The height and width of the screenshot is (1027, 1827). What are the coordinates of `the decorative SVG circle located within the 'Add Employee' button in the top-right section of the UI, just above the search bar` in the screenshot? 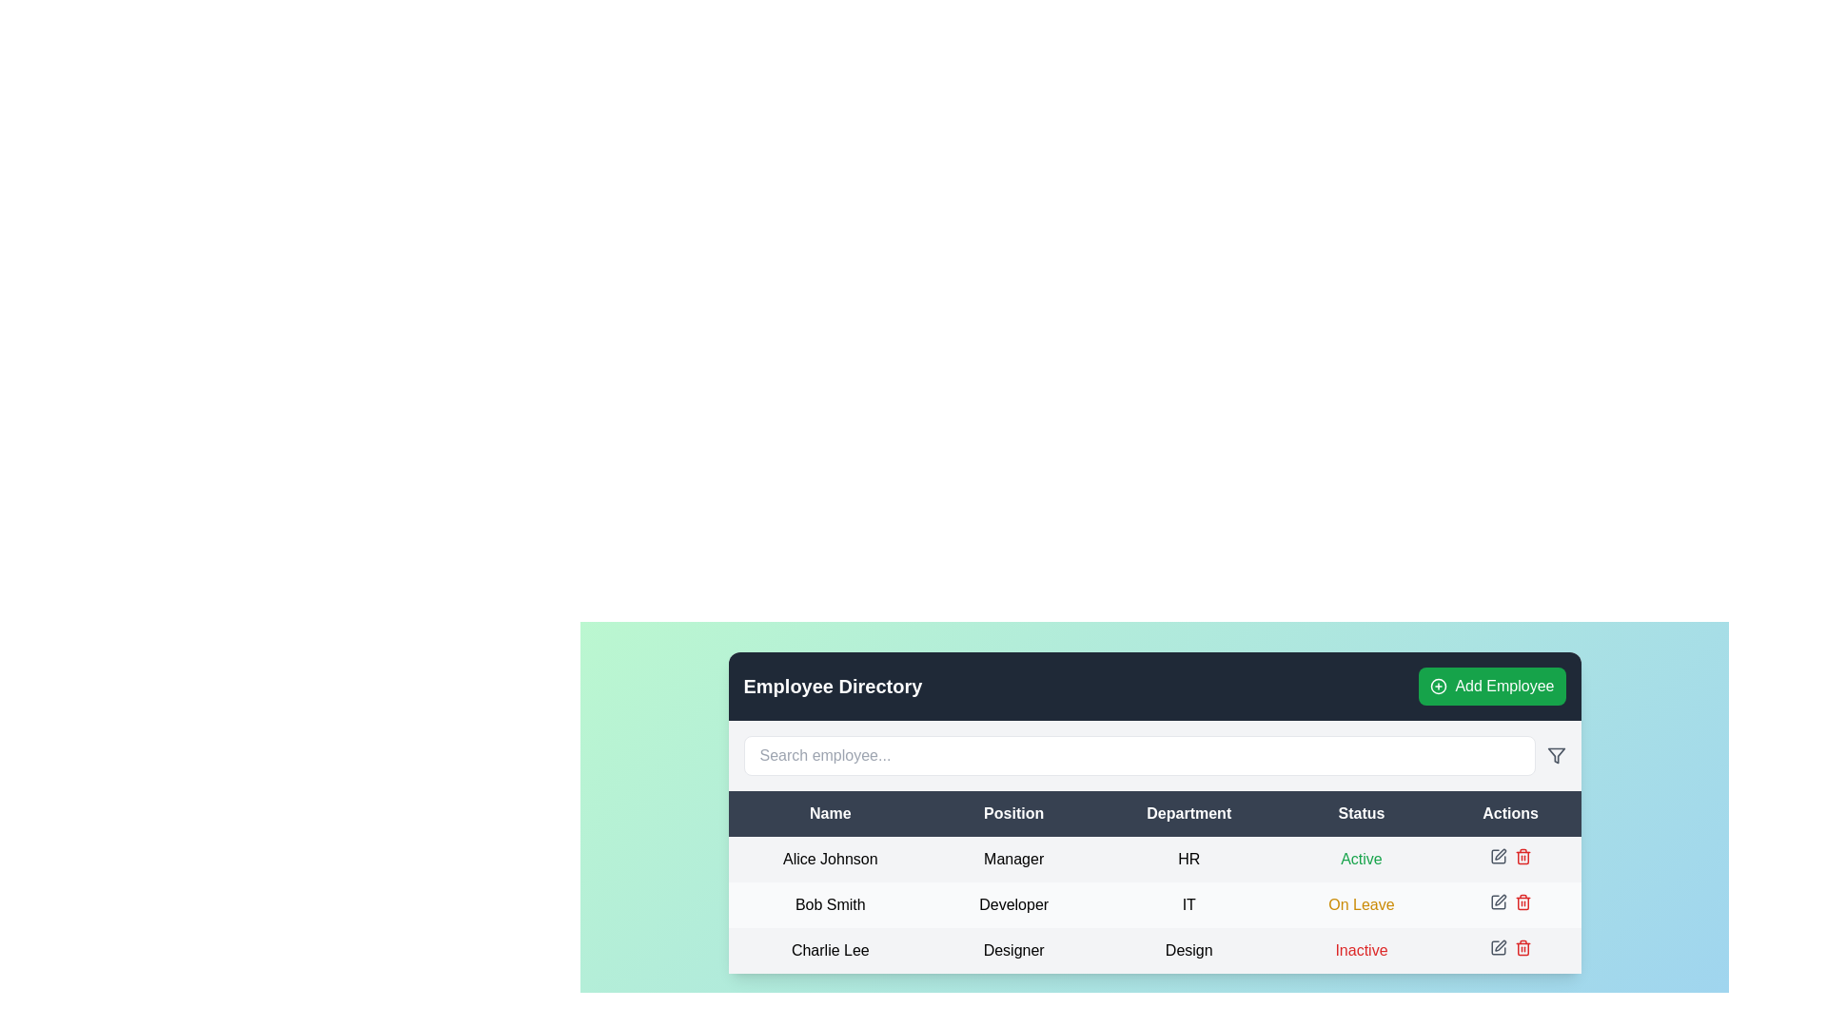 It's located at (1439, 686).